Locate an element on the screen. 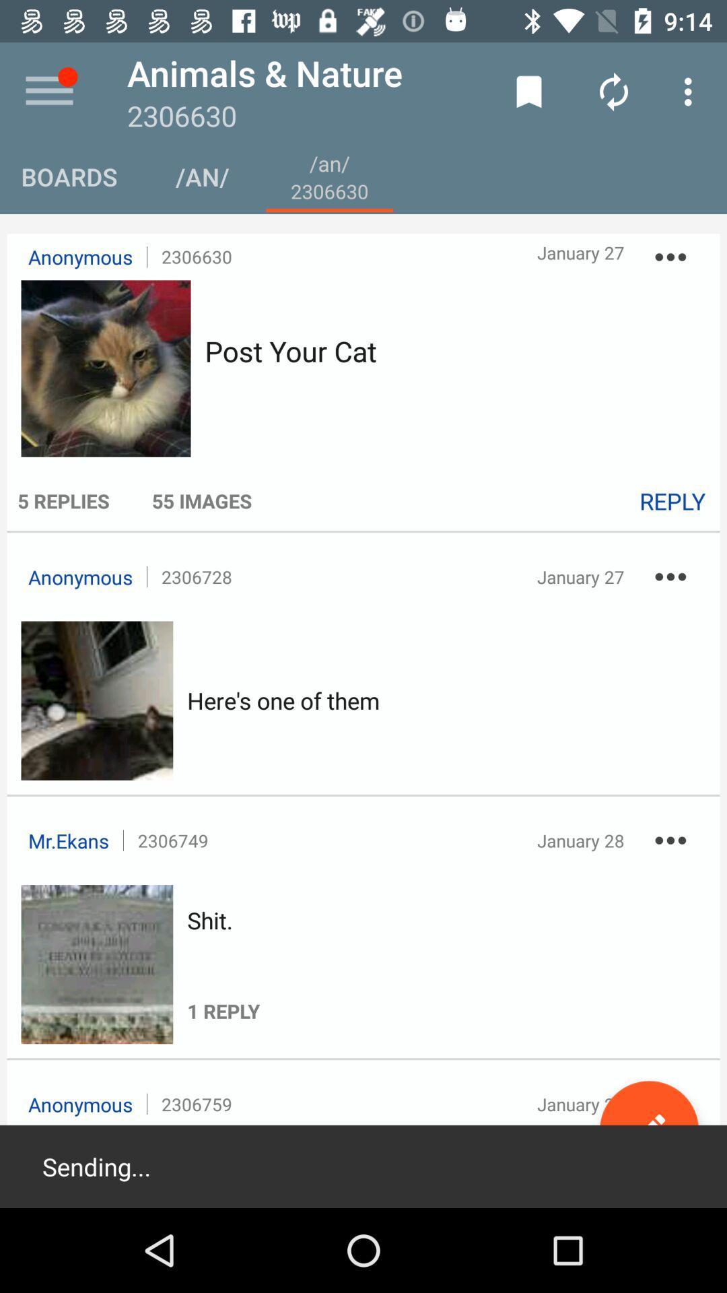 The height and width of the screenshot is (1293, 727). item to the left of animals & nature is located at coordinates (48, 91).